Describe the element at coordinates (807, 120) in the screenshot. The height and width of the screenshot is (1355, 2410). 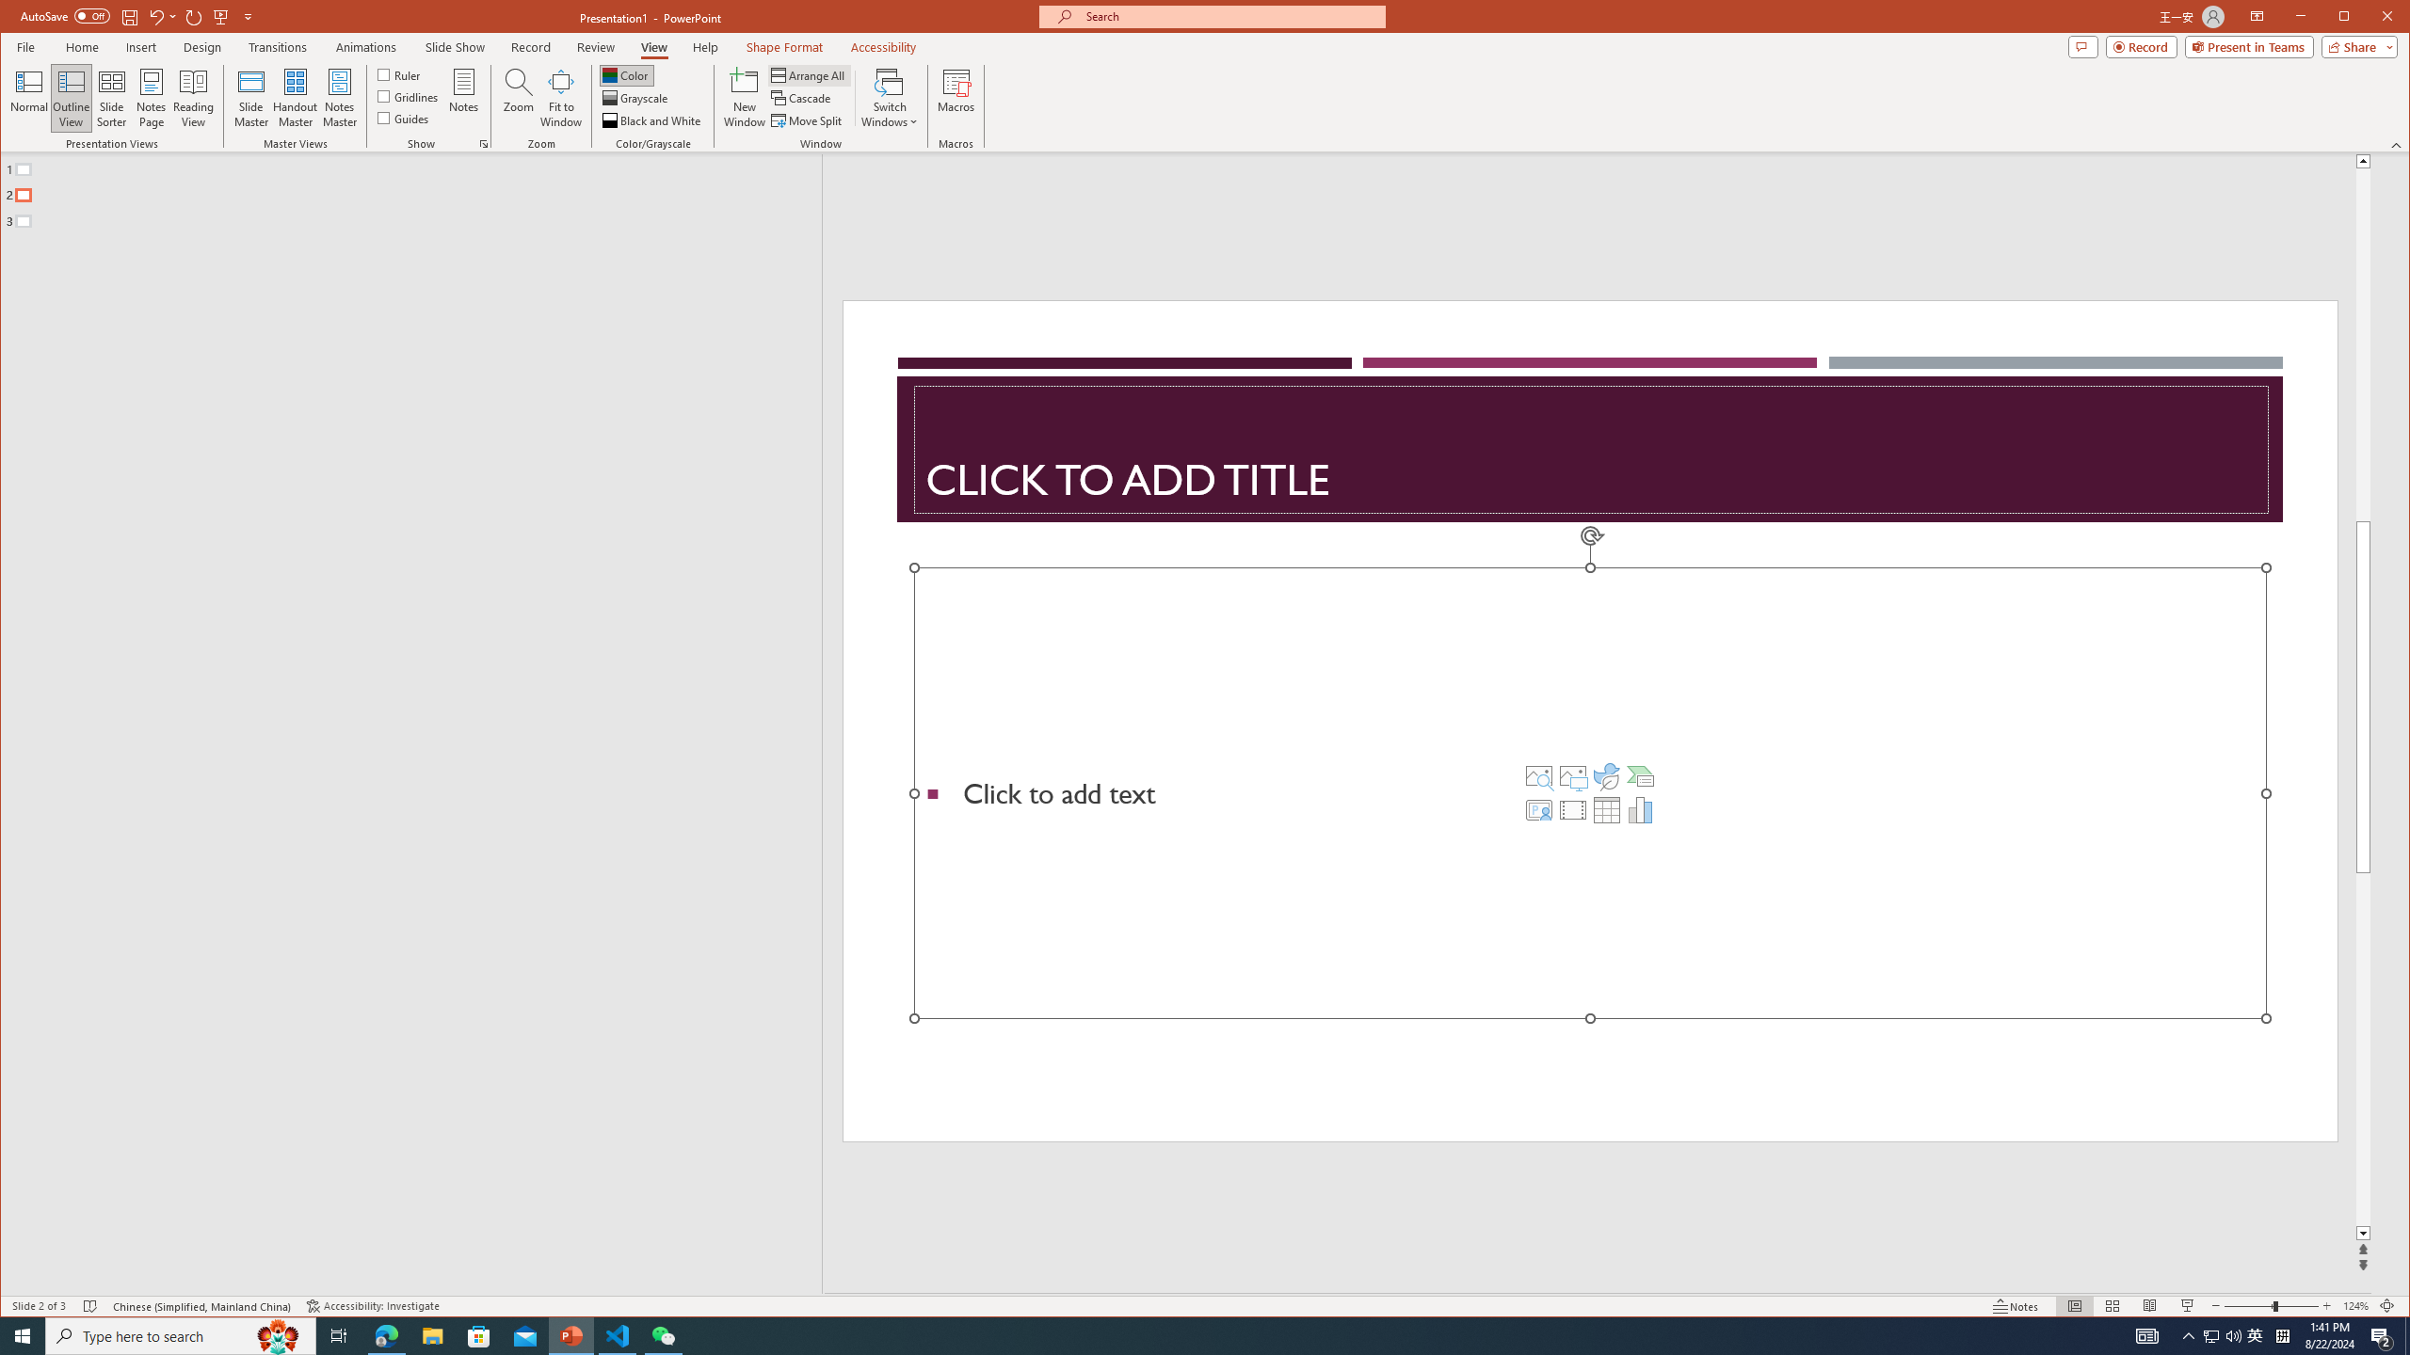
I see `'Move Split'` at that location.